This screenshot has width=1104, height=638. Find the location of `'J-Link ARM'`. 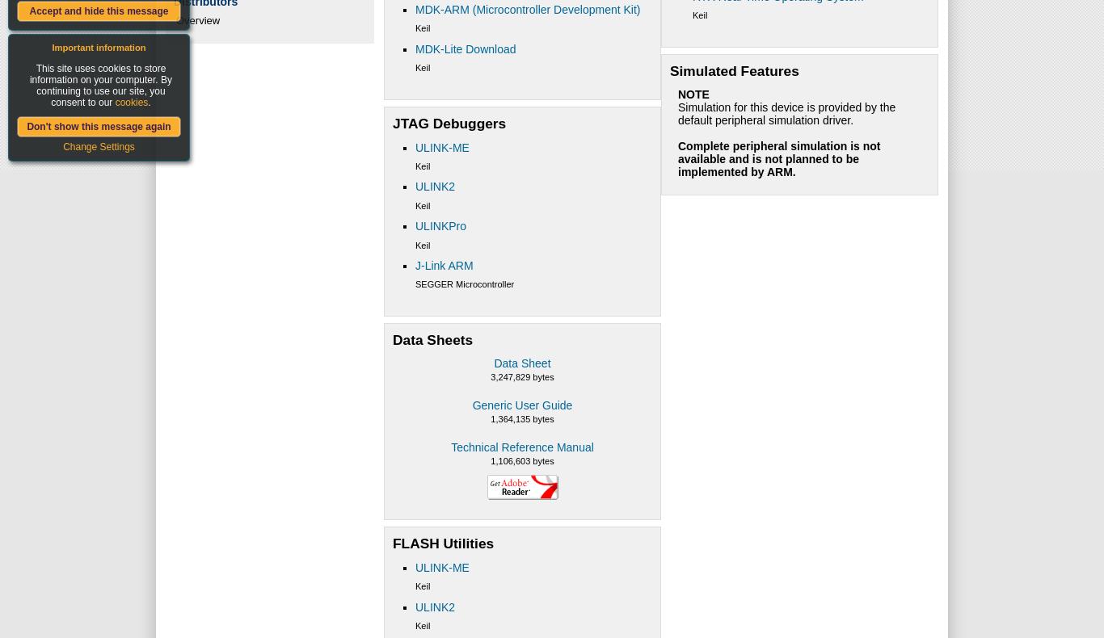

'J-Link ARM' is located at coordinates (415, 264).